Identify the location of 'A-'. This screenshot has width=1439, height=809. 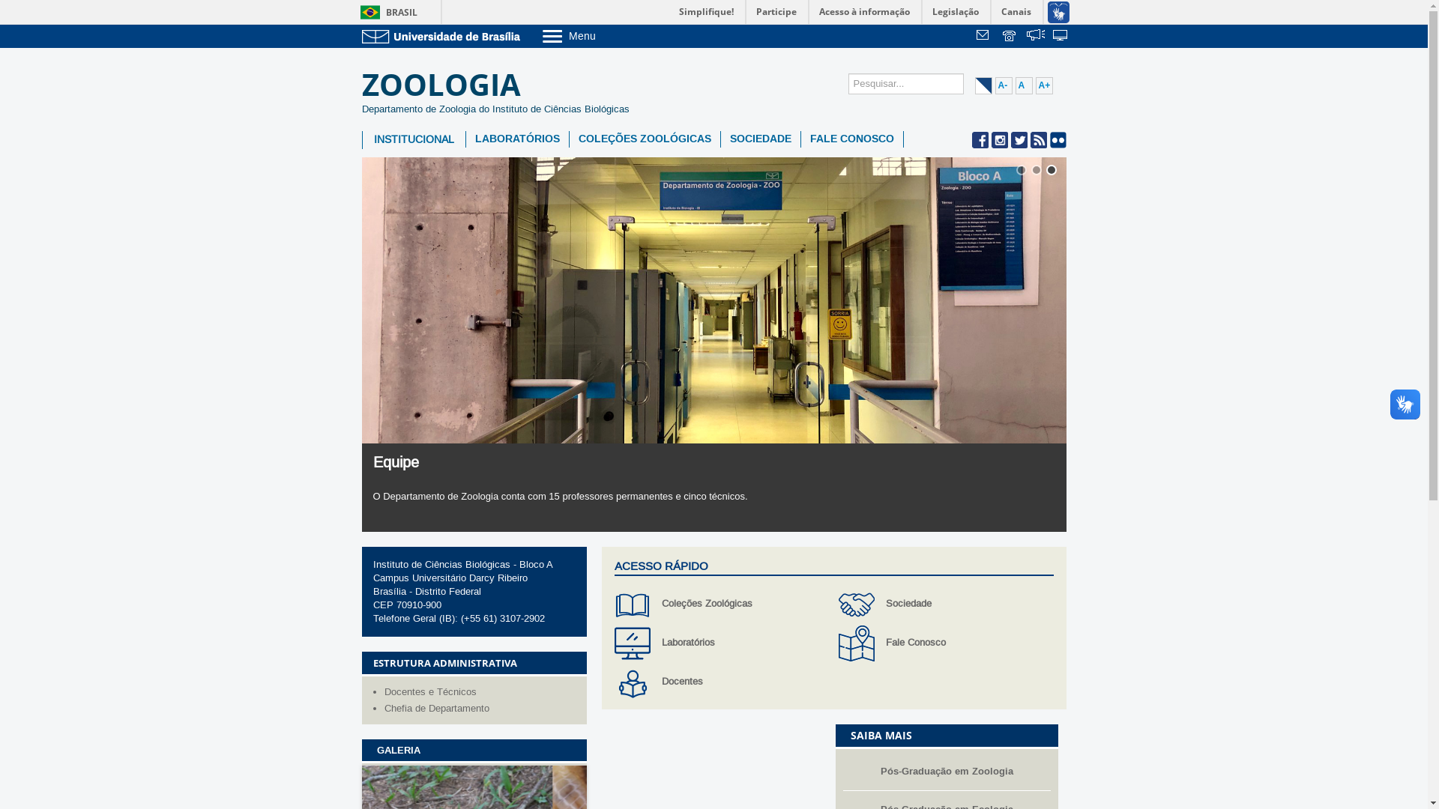
(1004, 85).